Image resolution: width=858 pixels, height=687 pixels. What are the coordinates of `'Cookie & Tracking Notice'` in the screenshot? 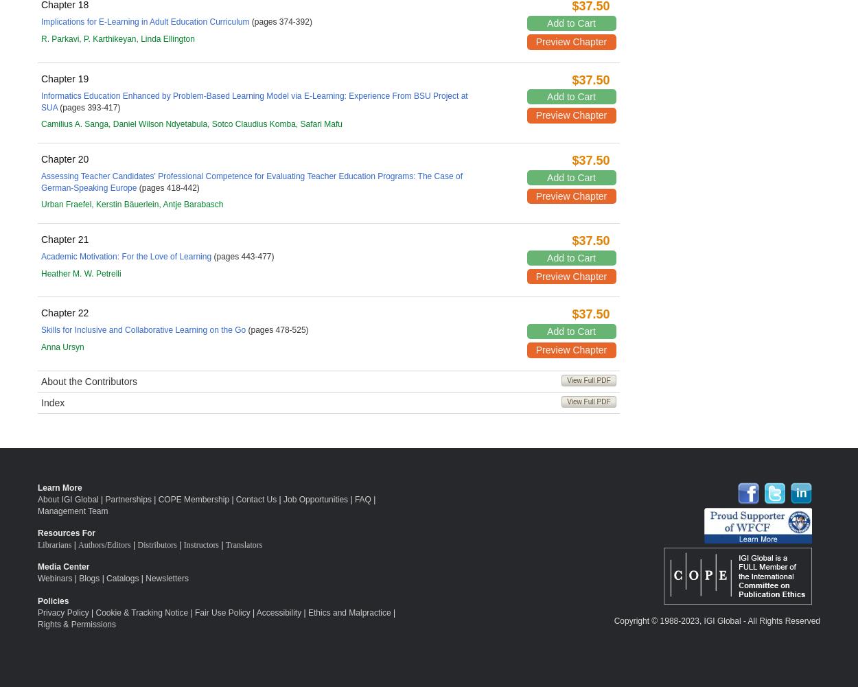 It's located at (95, 612).